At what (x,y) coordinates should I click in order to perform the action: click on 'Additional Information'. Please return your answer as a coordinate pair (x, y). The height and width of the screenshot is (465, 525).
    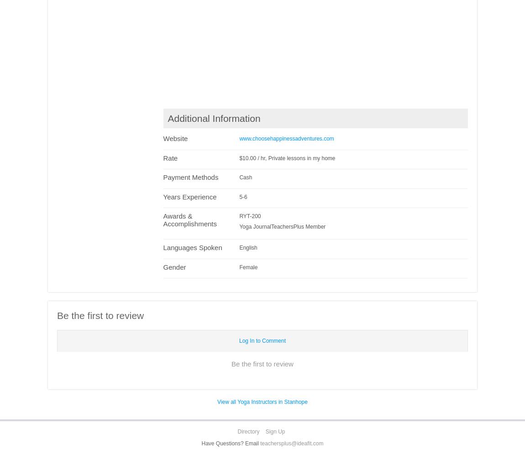
    Looking at the image, I should click on (214, 118).